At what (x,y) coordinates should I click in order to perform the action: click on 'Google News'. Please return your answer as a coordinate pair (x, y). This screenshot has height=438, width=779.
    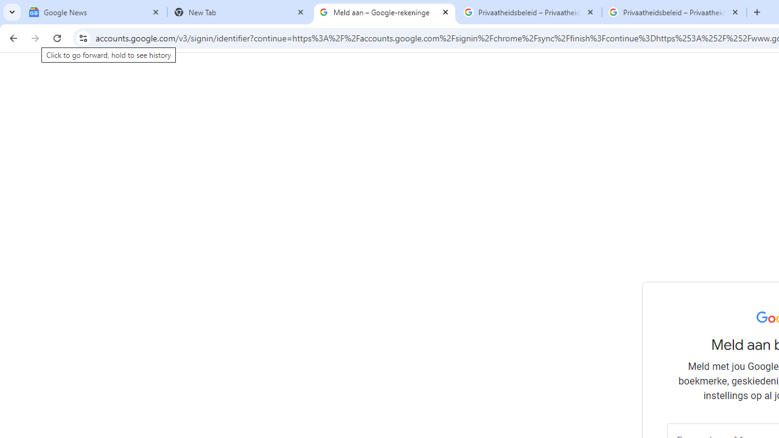
    Looking at the image, I should click on (94, 12).